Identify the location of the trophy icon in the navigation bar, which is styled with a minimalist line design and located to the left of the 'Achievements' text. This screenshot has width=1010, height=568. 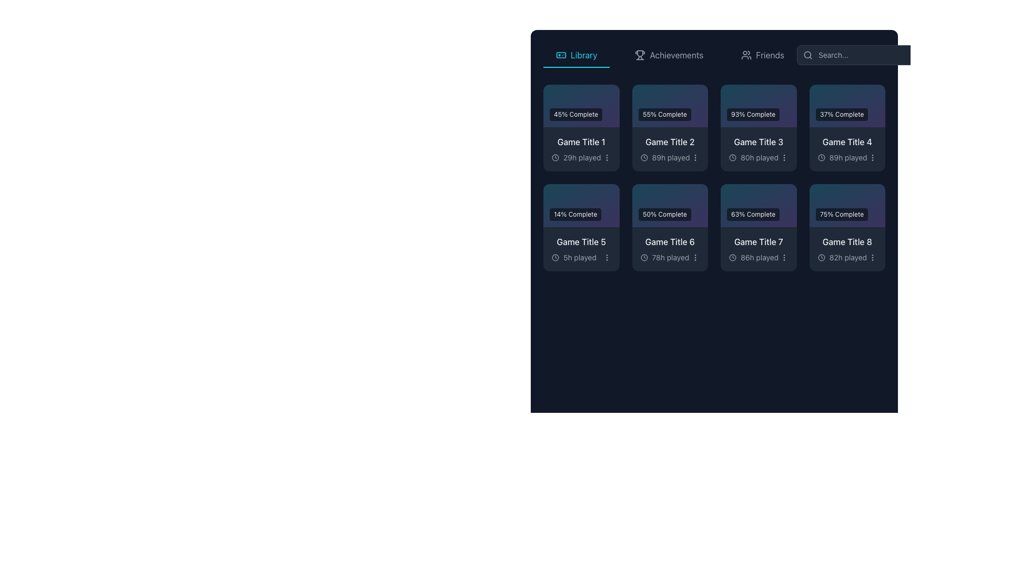
(640, 55).